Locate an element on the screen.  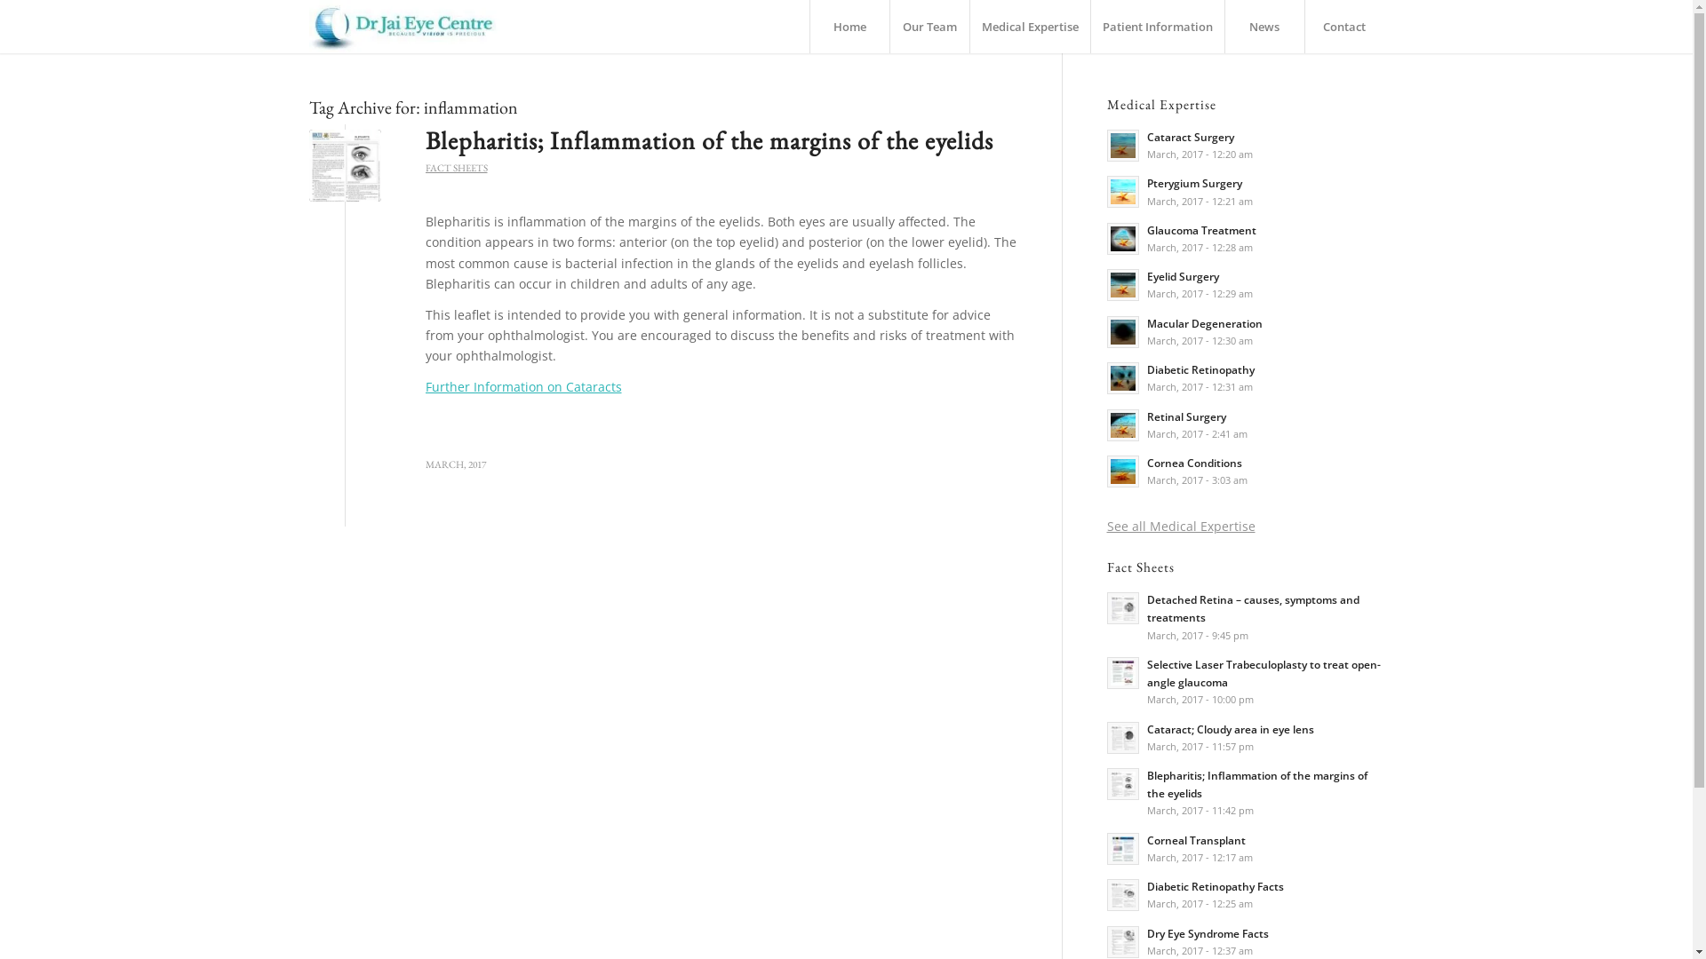
'Blepharitis' is located at coordinates (345, 165).